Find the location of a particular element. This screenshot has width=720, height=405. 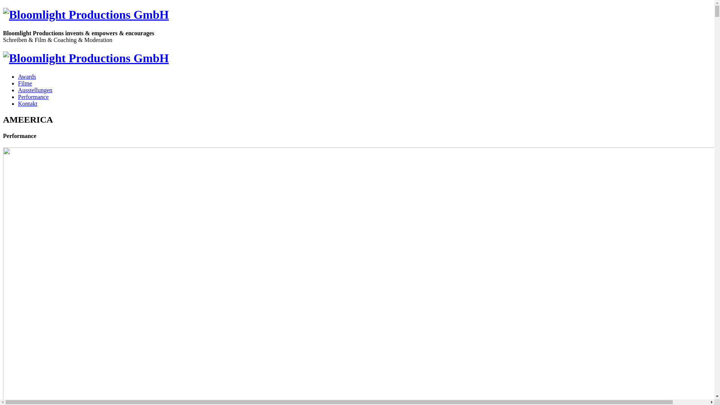

'Awards' is located at coordinates (27, 76).